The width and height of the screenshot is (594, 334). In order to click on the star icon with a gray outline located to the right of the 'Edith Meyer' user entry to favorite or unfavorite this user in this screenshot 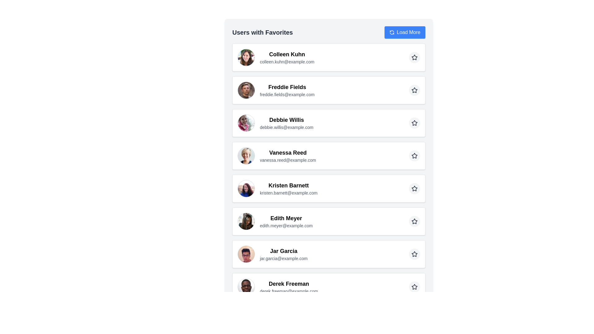, I will do `click(414, 221)`.